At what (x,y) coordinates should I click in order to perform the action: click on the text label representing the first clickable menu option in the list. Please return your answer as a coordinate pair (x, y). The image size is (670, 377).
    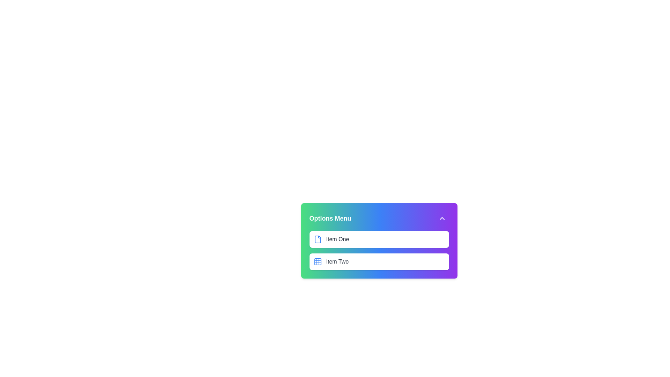
    Looking at the image, I should click on (337, 239).